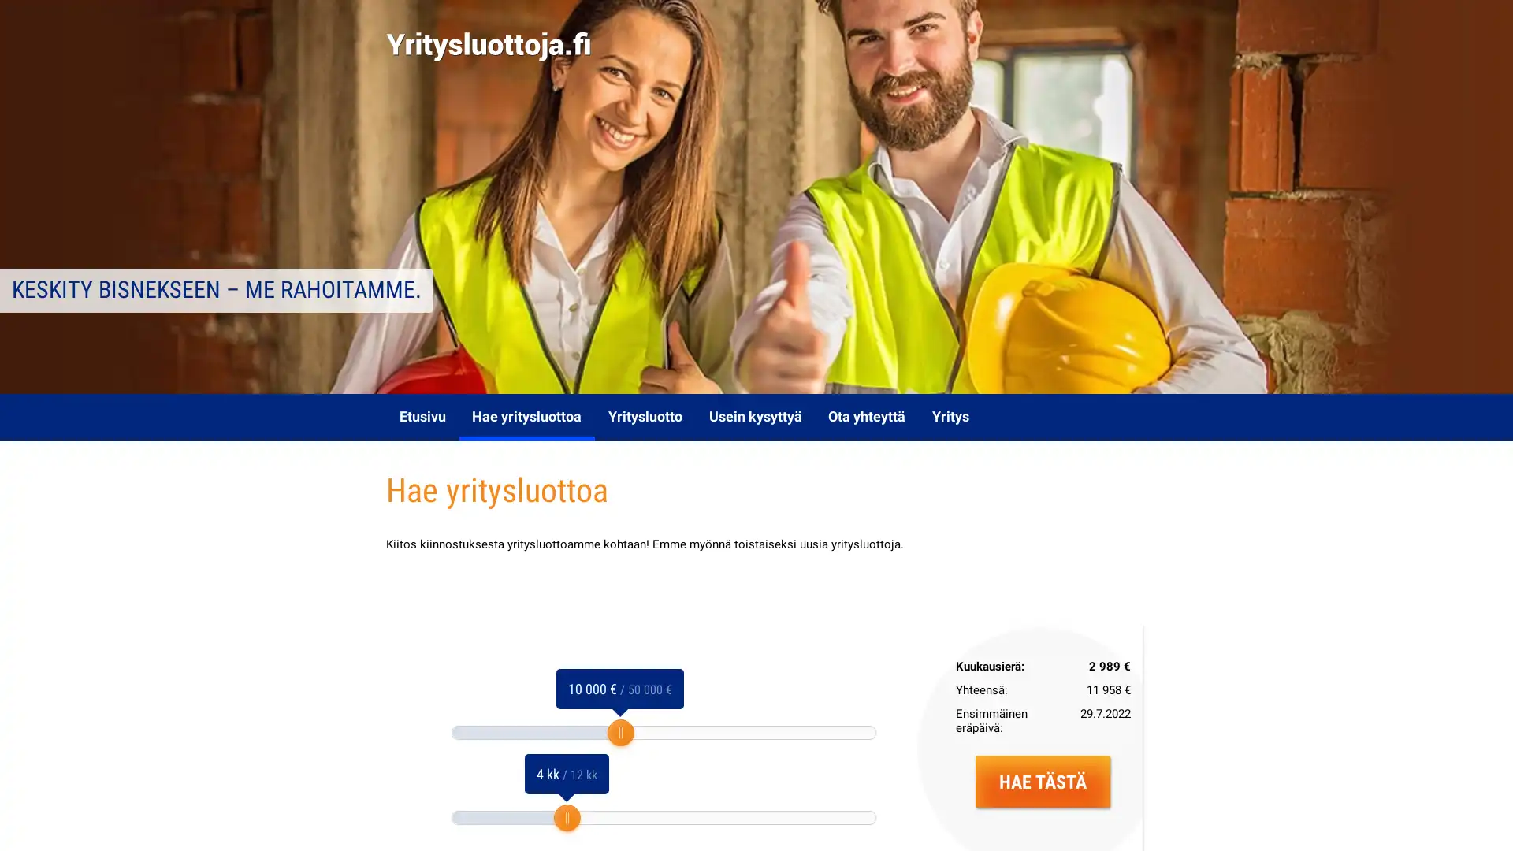 This screenshot has width=1513, height=851. Describe the element at coordinates (1043, 781) in the screenshot. I see `Hae tasta` at that location.